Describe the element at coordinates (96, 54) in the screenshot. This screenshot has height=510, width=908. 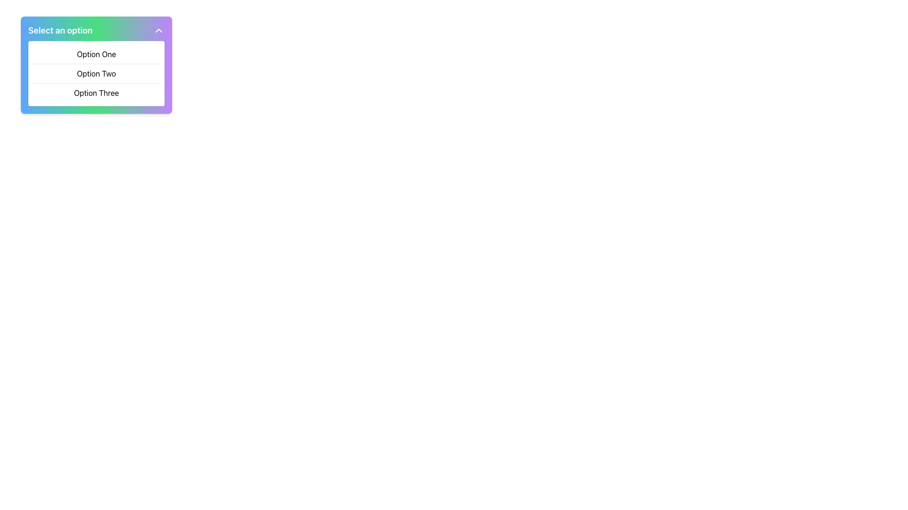
I see `the first option 'Option One' in the dropdown menu` at that location.